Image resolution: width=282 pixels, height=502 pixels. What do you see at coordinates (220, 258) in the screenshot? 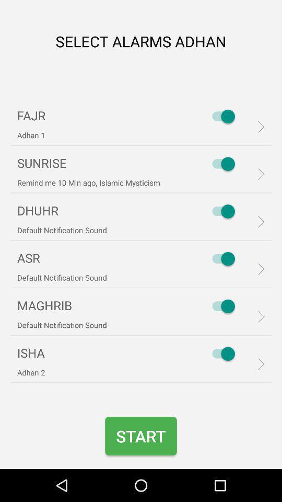
I see `the item next to the default notification sound item` at bounding box center [220, 258].